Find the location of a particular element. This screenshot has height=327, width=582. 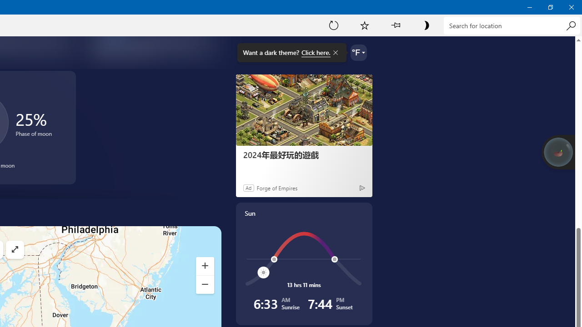

'Minimize Weather' is located at coordinates (529, 7).